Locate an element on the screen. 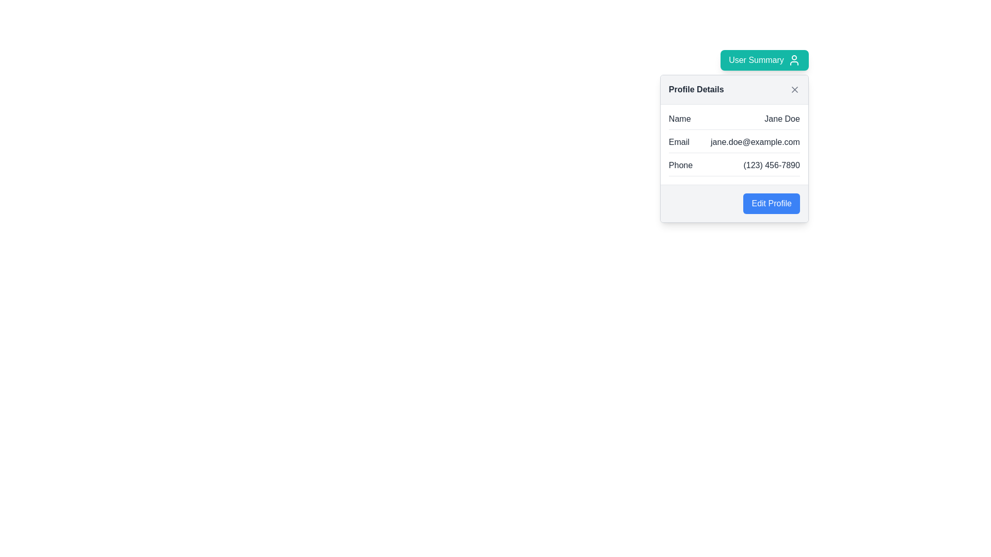 The image size is (991, 557). the text label indicating the user's name 'Jane Doe' within the 'Profile Details' card interface is located at coordinates (680, 119).